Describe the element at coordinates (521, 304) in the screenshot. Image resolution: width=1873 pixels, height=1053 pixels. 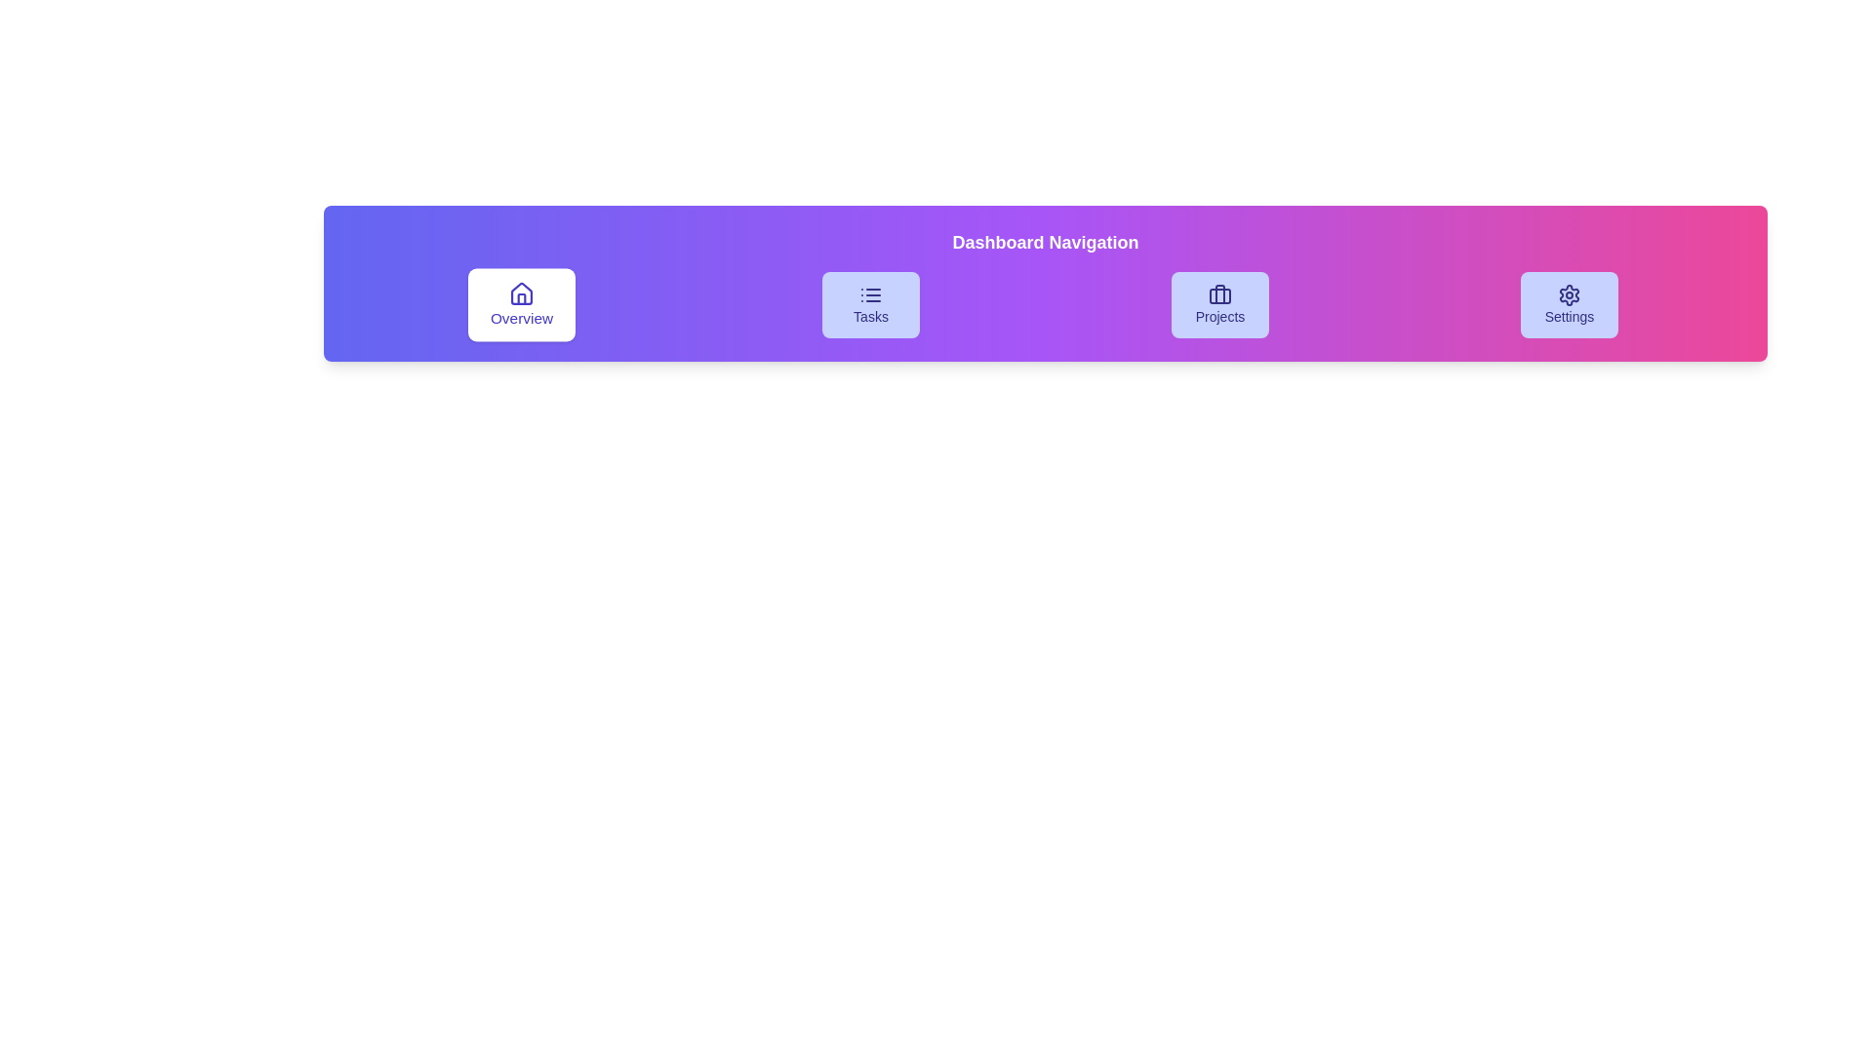
I see `the Overview button to navigate to the corresponding section` at that location.